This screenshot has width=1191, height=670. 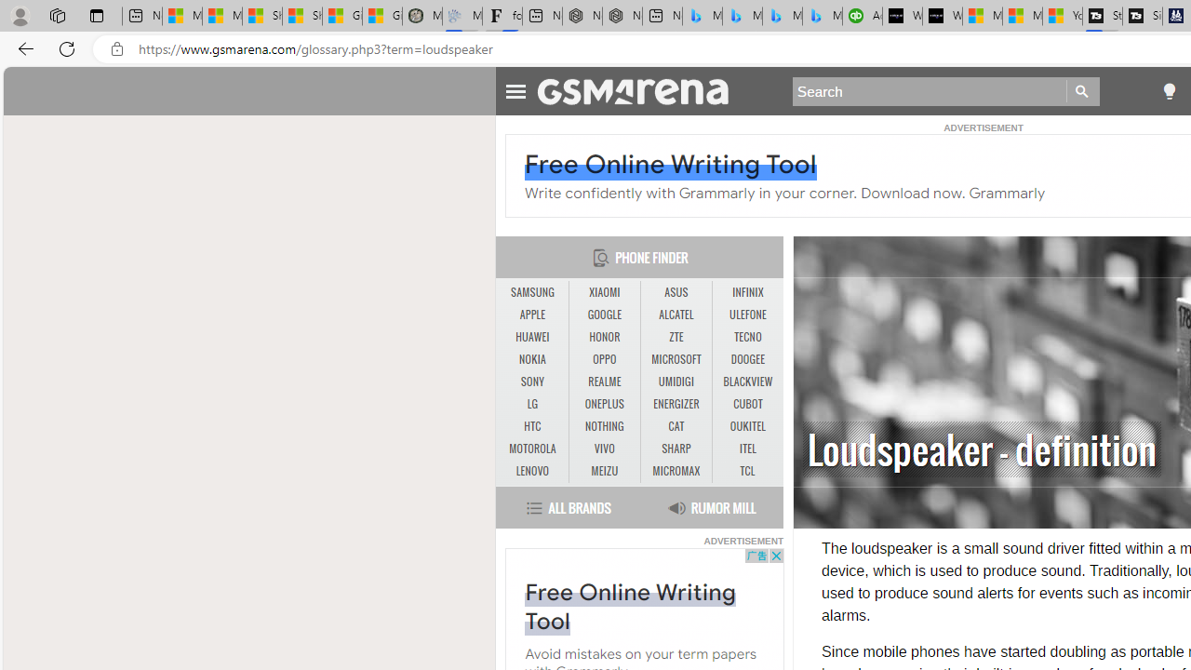 I want to click on 'HUAWEI', so click(x=531, y=337).